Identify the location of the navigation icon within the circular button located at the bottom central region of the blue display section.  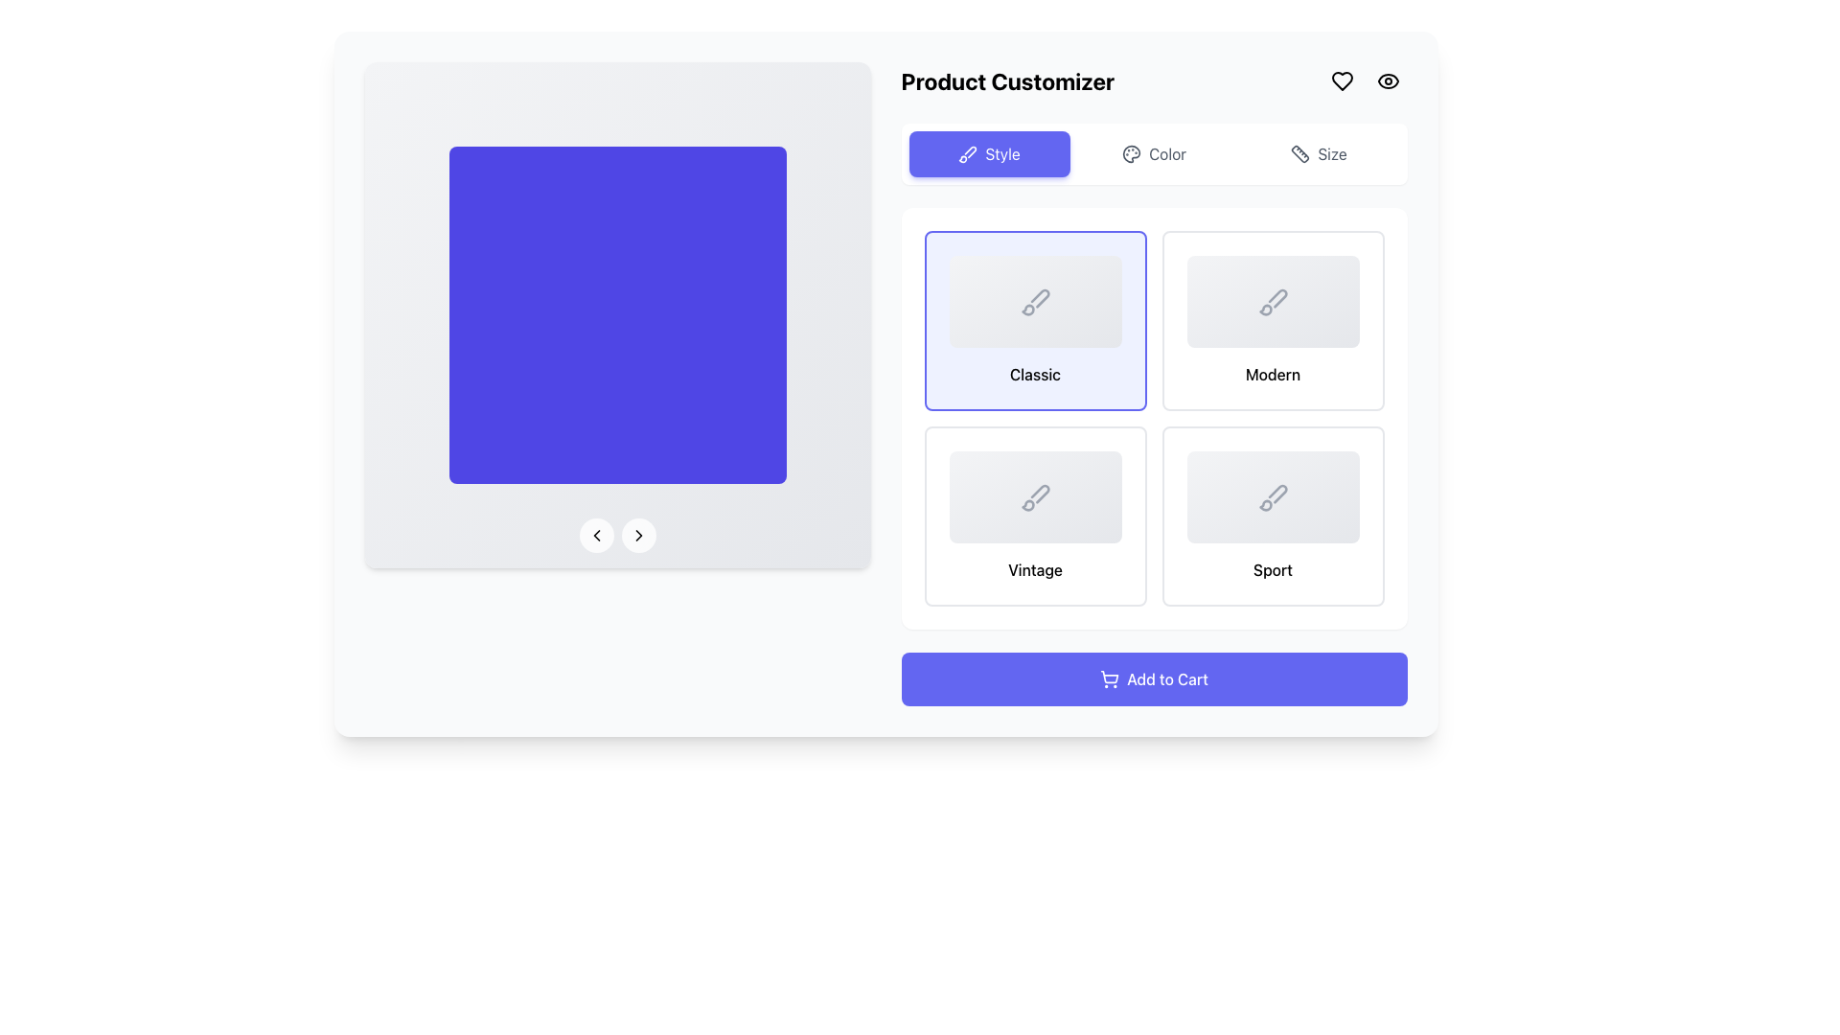
(638, 536).